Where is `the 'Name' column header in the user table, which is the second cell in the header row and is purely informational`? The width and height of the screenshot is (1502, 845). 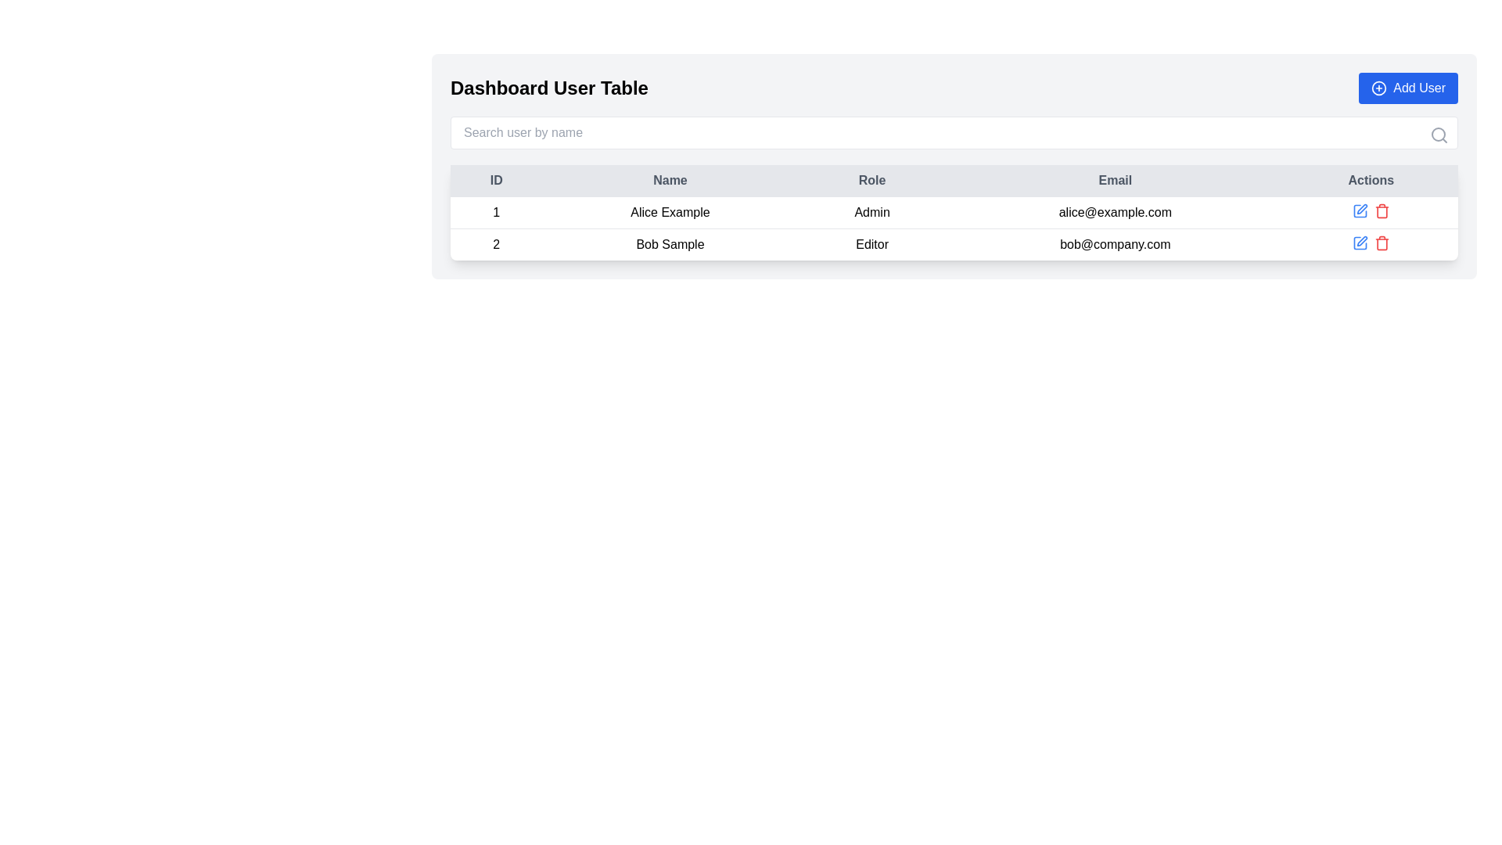 the 'Name' column header in the user table, which is the second cell in the header row and is purely informational is located at coordinates (670, 180).